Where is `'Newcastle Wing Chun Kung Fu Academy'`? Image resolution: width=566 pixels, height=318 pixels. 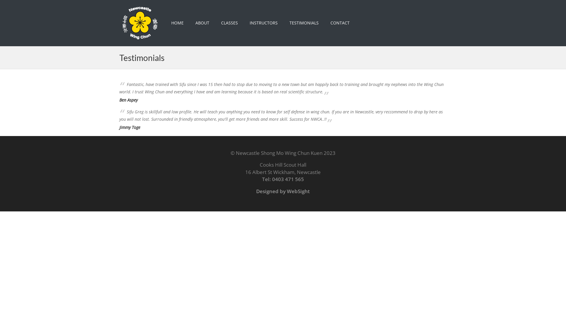
'Newcastle Wing Chun Kung Fu Academy' is located at coordinates (122, 23).